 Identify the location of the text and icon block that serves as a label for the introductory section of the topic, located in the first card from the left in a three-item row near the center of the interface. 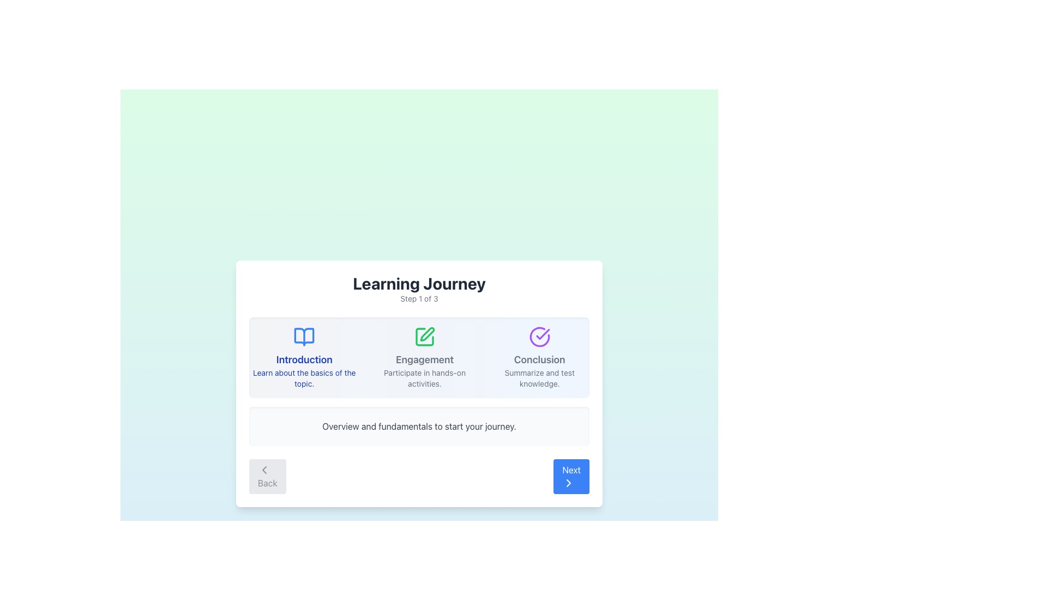
(304, 357).